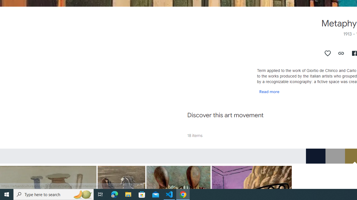 This screenshot has height=200, width=357. I want to click on 'Authenticate to favorite this asset.', so click(328, 53).